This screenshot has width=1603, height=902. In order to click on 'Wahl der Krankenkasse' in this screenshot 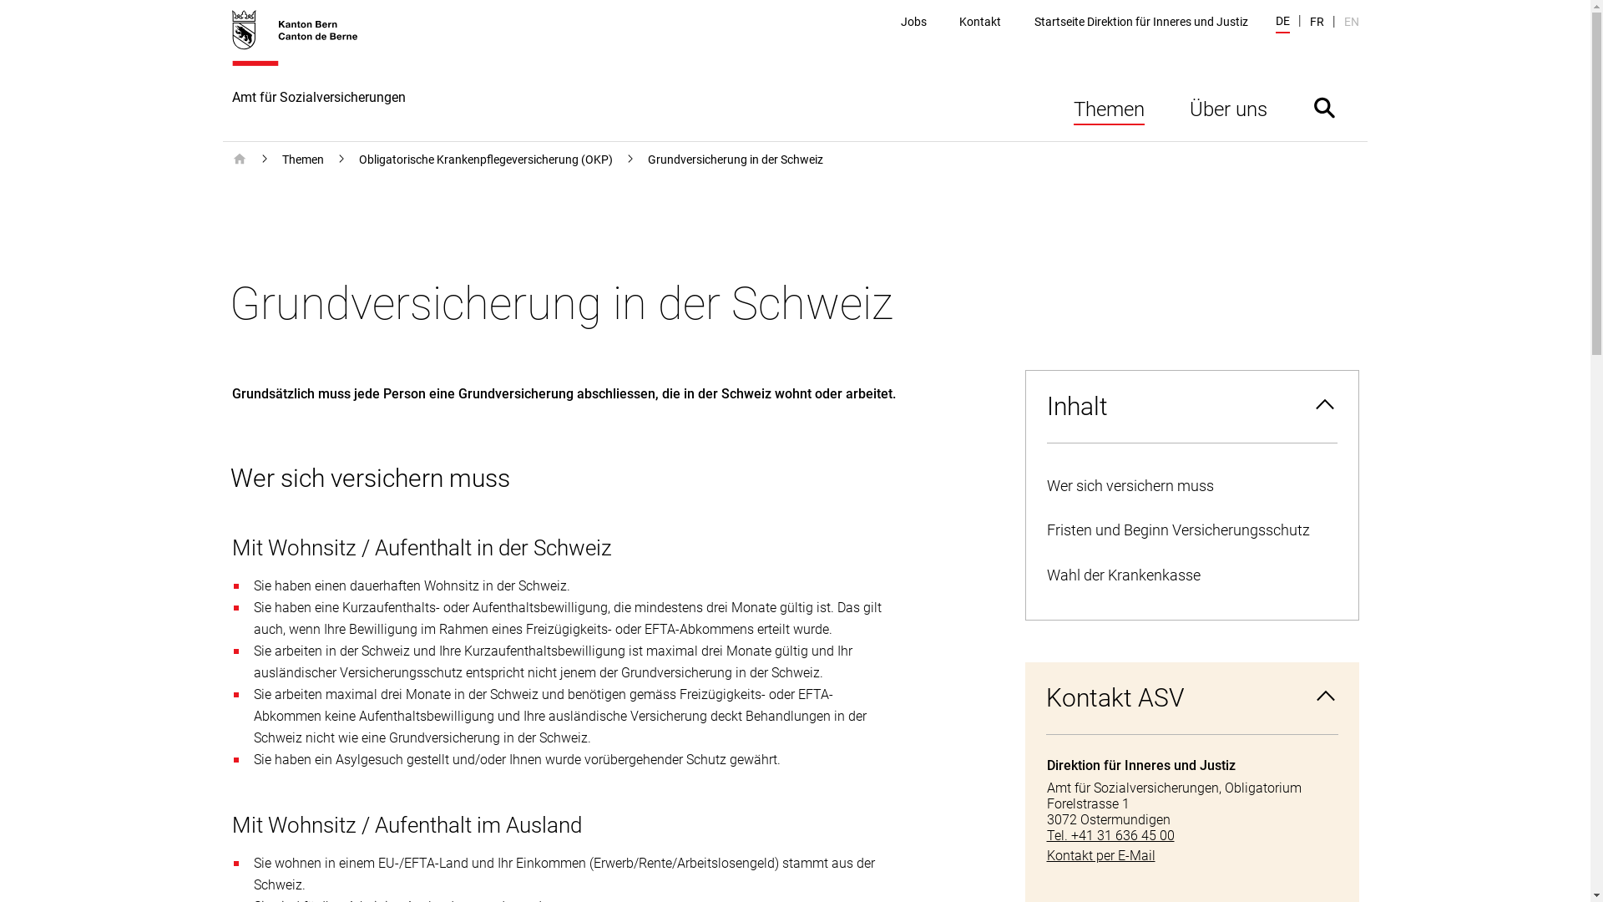, I will do `click(1190, 575)`.